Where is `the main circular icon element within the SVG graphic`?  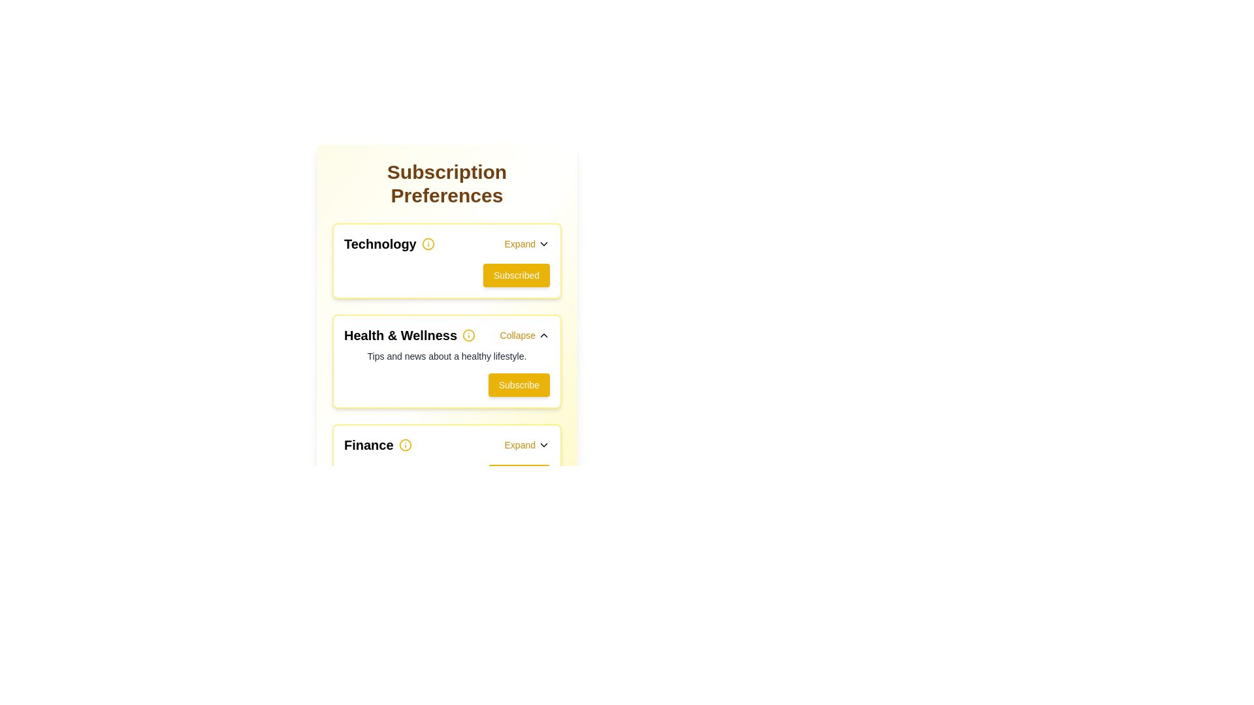
the main circular icon element within the SVG graphic is located at coordinates (469, 334).